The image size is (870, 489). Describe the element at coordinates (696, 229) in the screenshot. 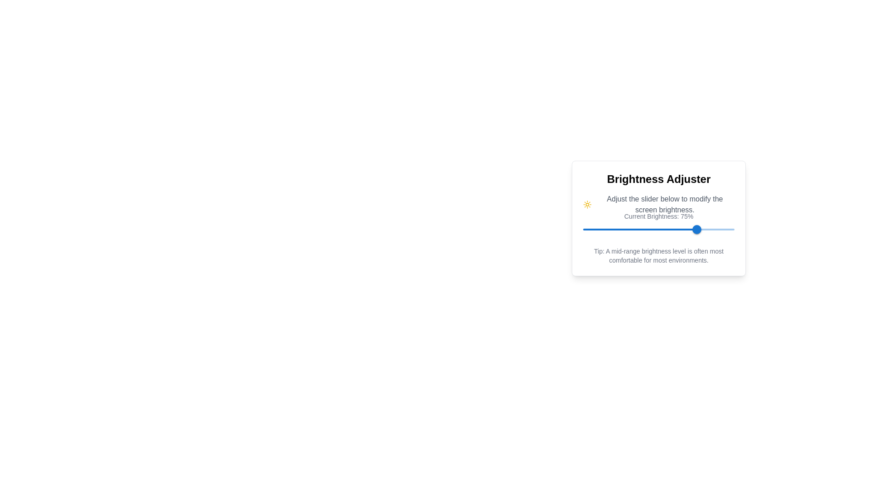

I see `the brightness` at that location.